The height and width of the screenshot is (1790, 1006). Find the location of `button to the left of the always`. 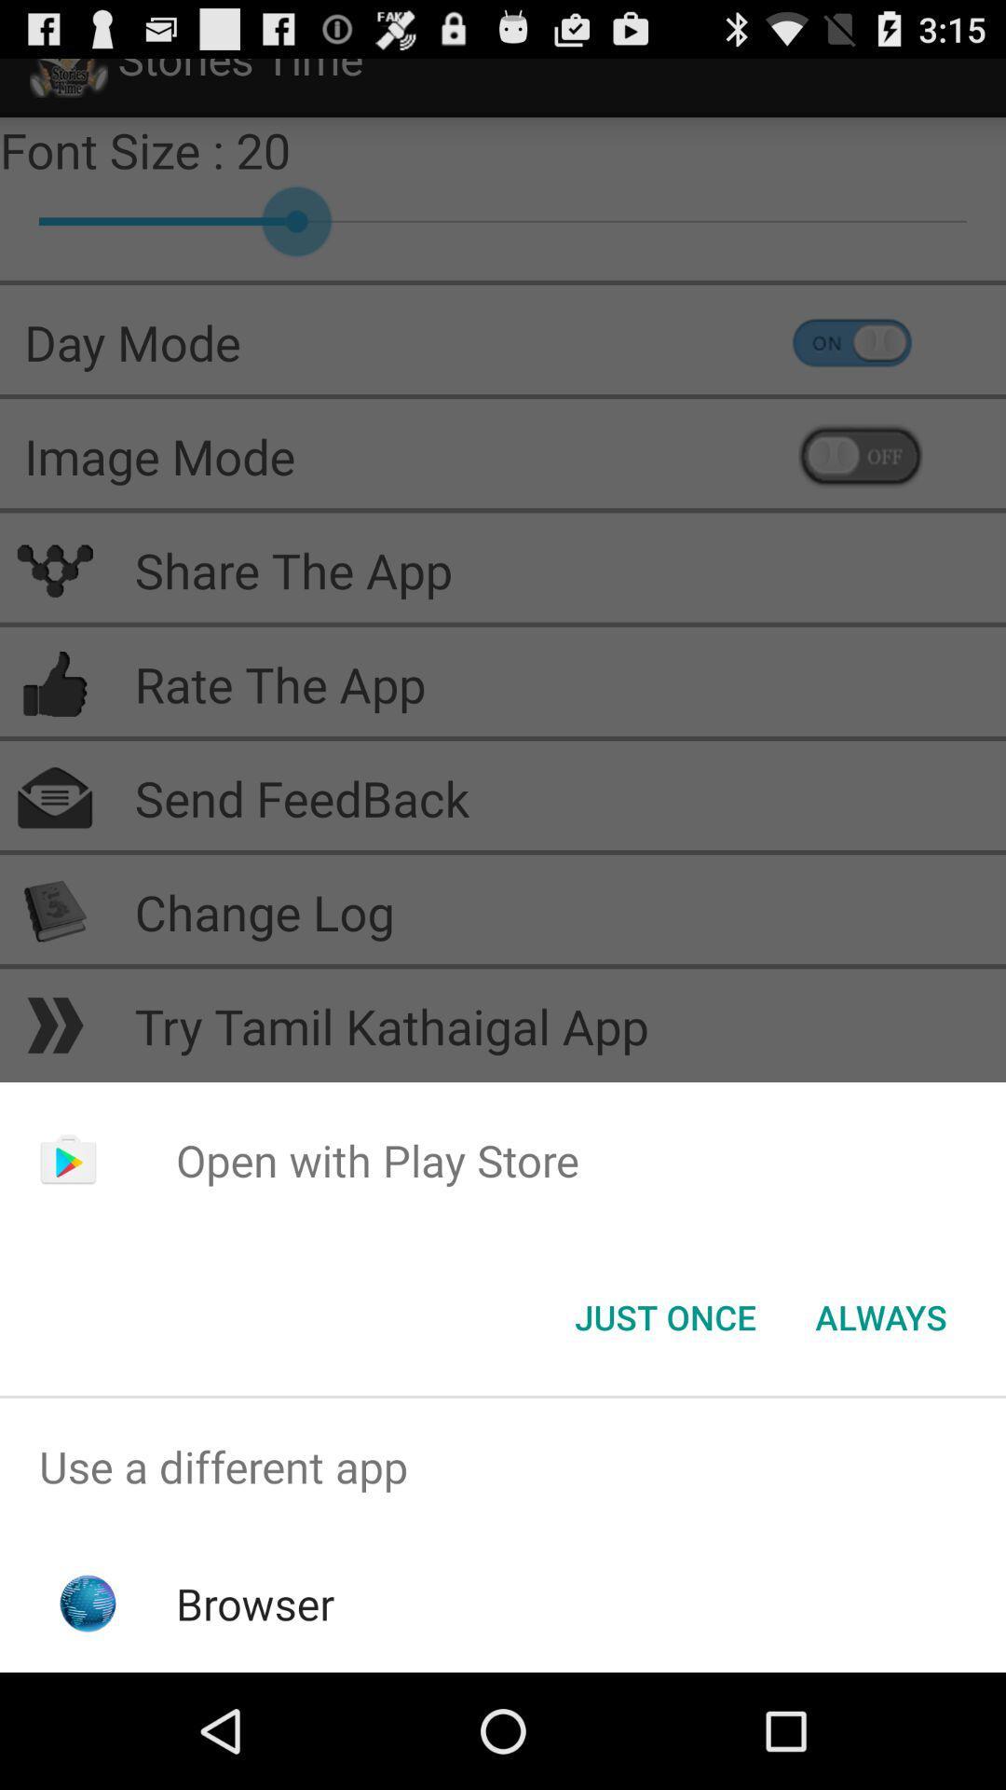

button to the left of the always is located at coordinates (664, 1315).